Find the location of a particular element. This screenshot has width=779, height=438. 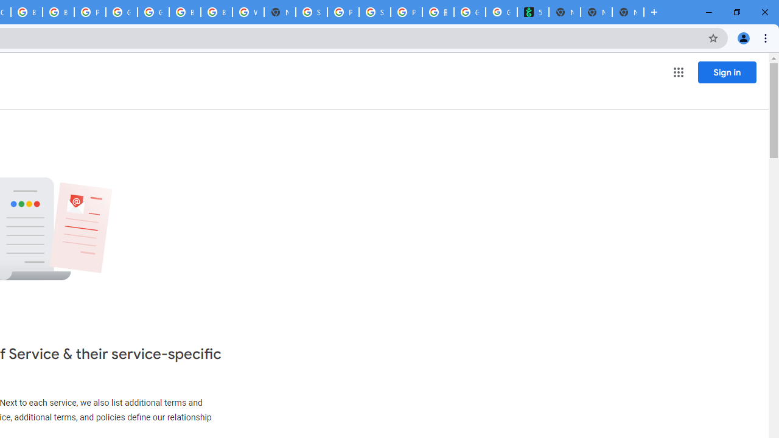

'New Tab' is located at coordinates (654, 12).